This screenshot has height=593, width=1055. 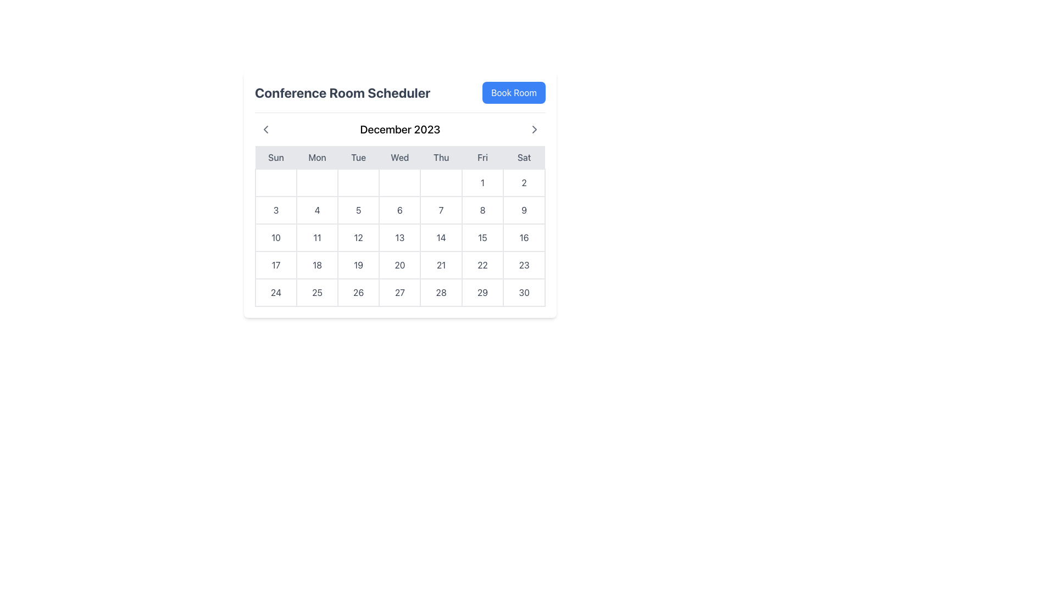 What do you see at coordinates (441, 265) in the screenshot?
I see `the square button labeled '21' in the calendar grid for December 2023, located under the header 'Thu'` at bounding box center [441, 265].